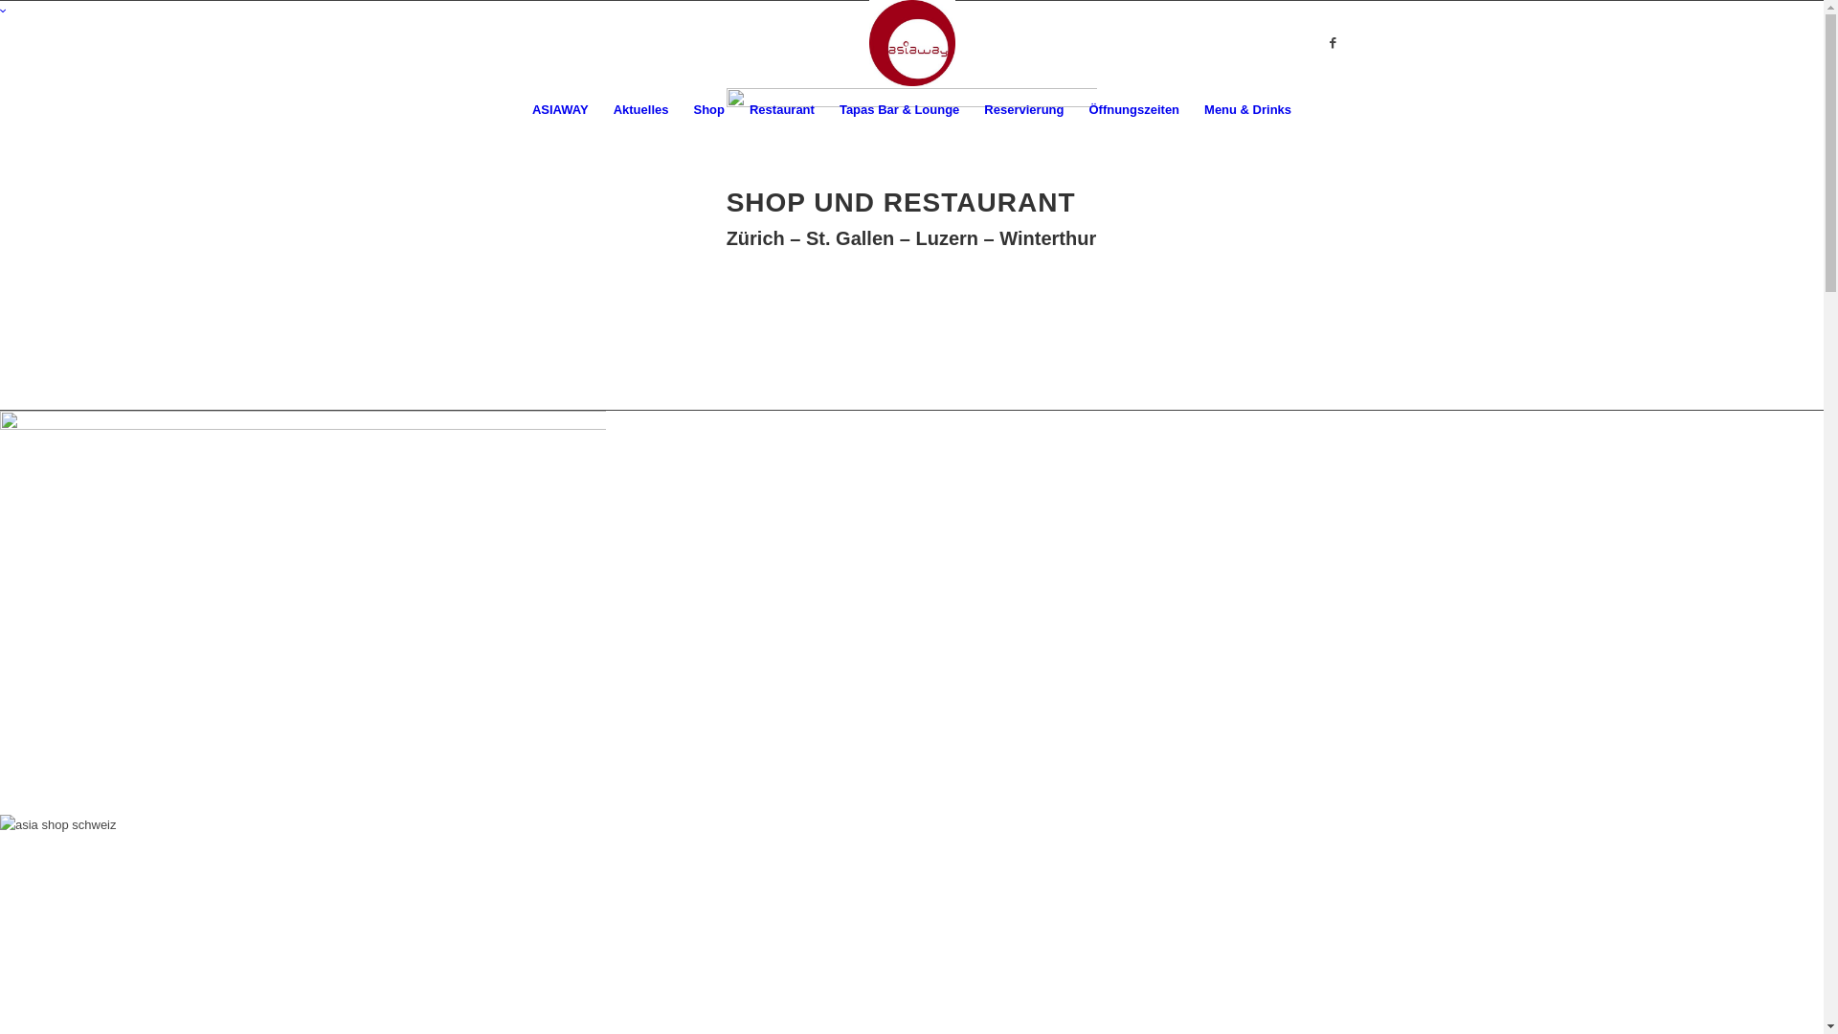 The image size is (1838, 1034). I want to click on 'Restaurant', so click(781, 110).